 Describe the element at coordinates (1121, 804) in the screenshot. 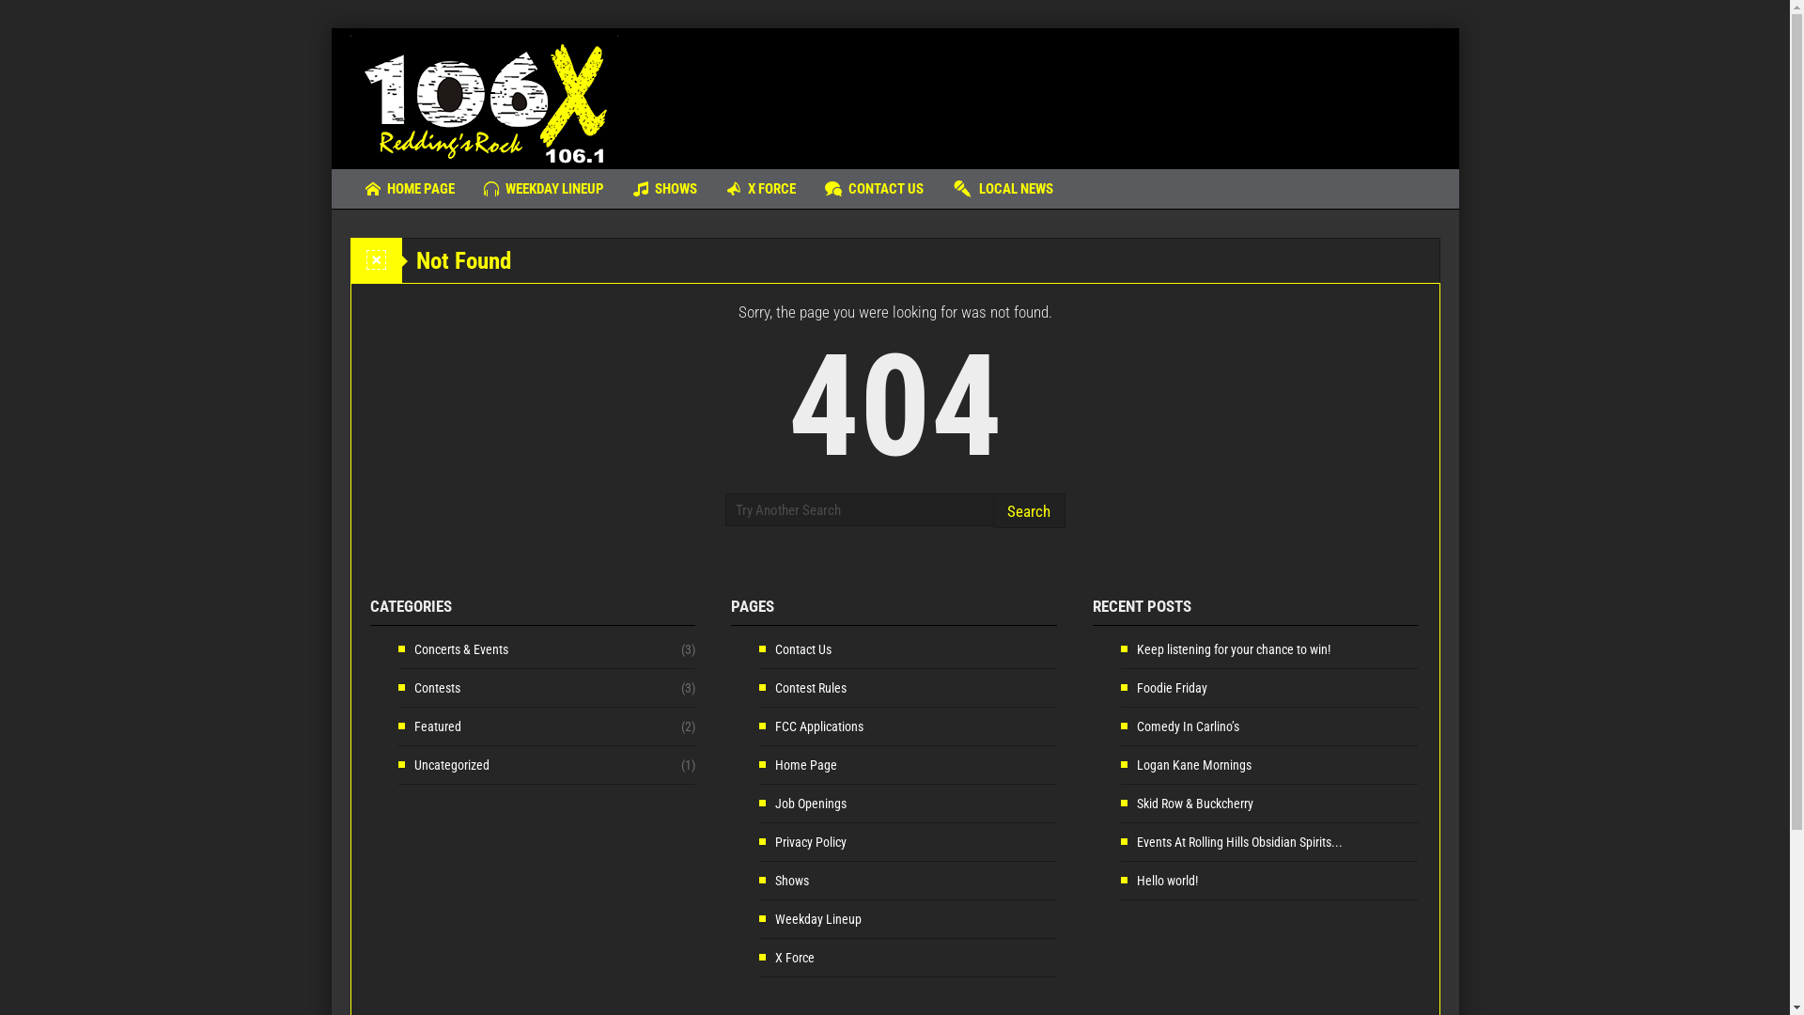

I see `'Skid Row & Buckcherry'` at that location.